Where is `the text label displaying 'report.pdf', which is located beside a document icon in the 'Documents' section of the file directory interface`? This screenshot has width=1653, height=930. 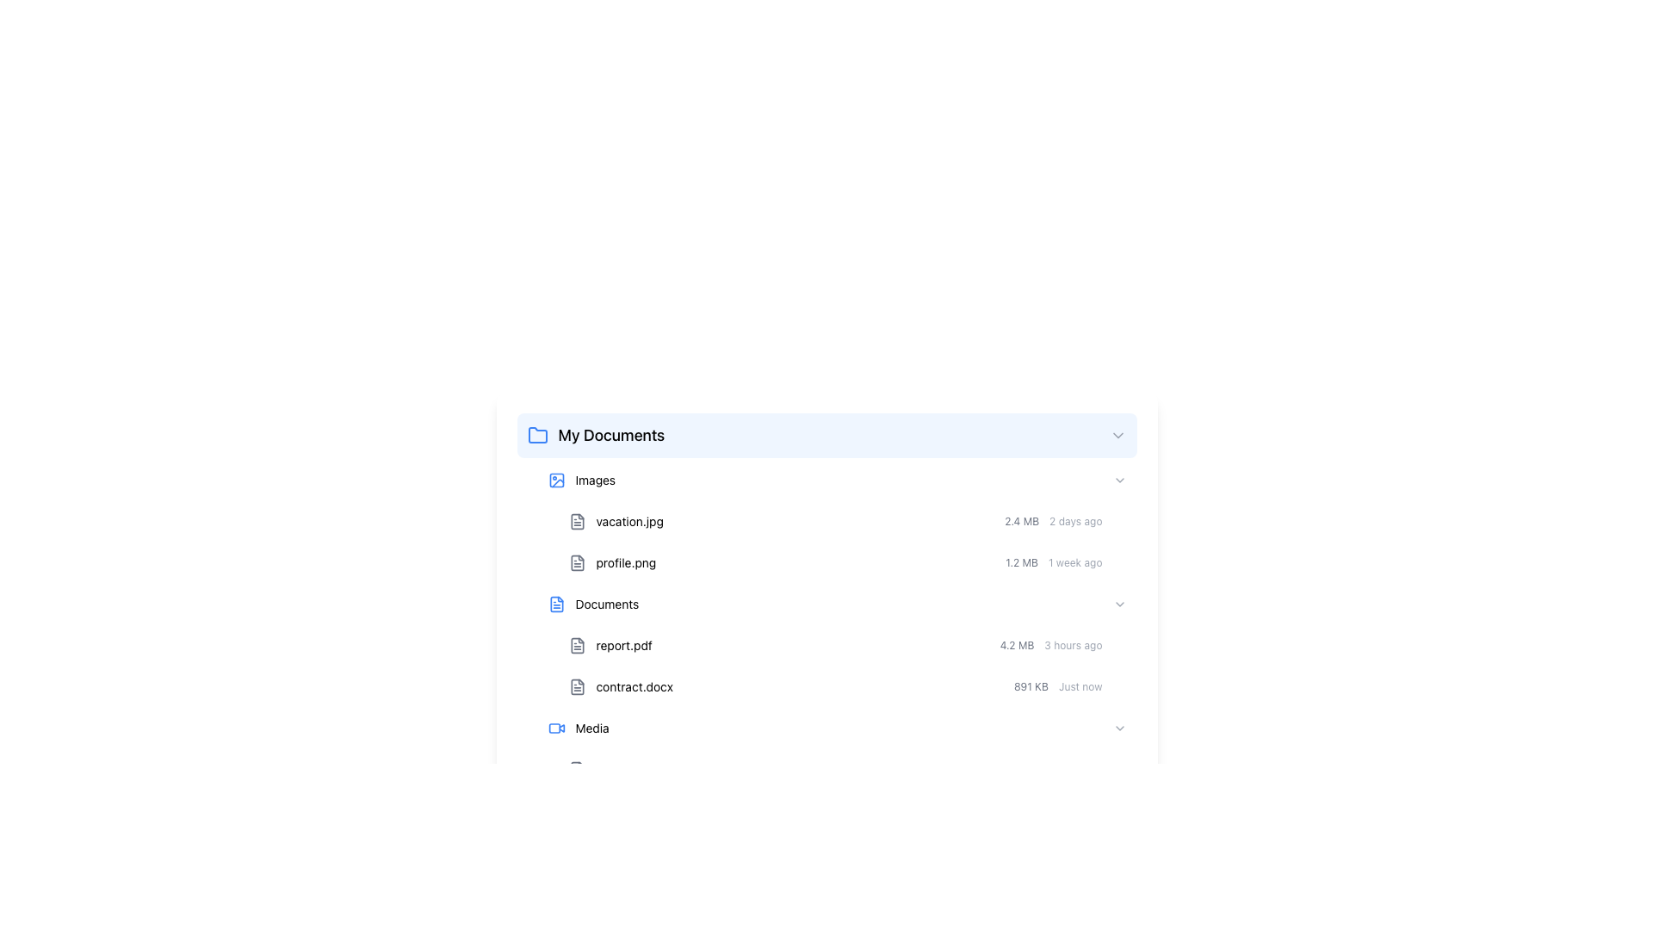
the text label displaying 'report.pdf', which is located beside a document icon in the 'Documents' section of the file directory interface is located at coordinates (623, 645).